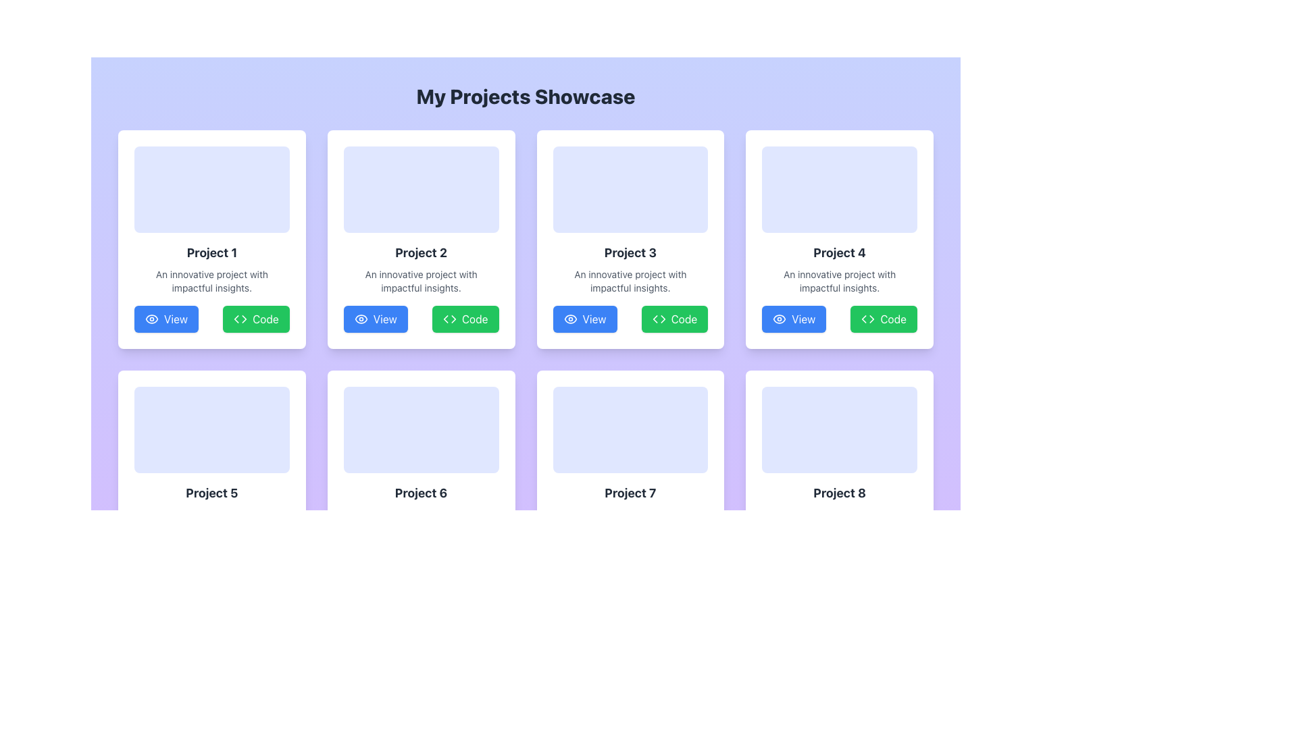  I want to click on the informational Text Block that describes 'Project 3', which is positioned under the title 'Project 3' and above the 'View' and 'Code' buttons, so click(630, 280).